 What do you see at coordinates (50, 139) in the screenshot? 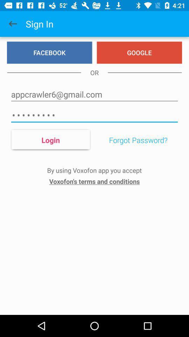
I see `login` at bounding box center [50, 139].